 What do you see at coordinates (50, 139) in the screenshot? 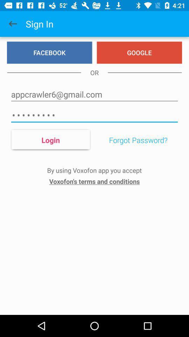
I see `login` at bounding box center [50, 139].